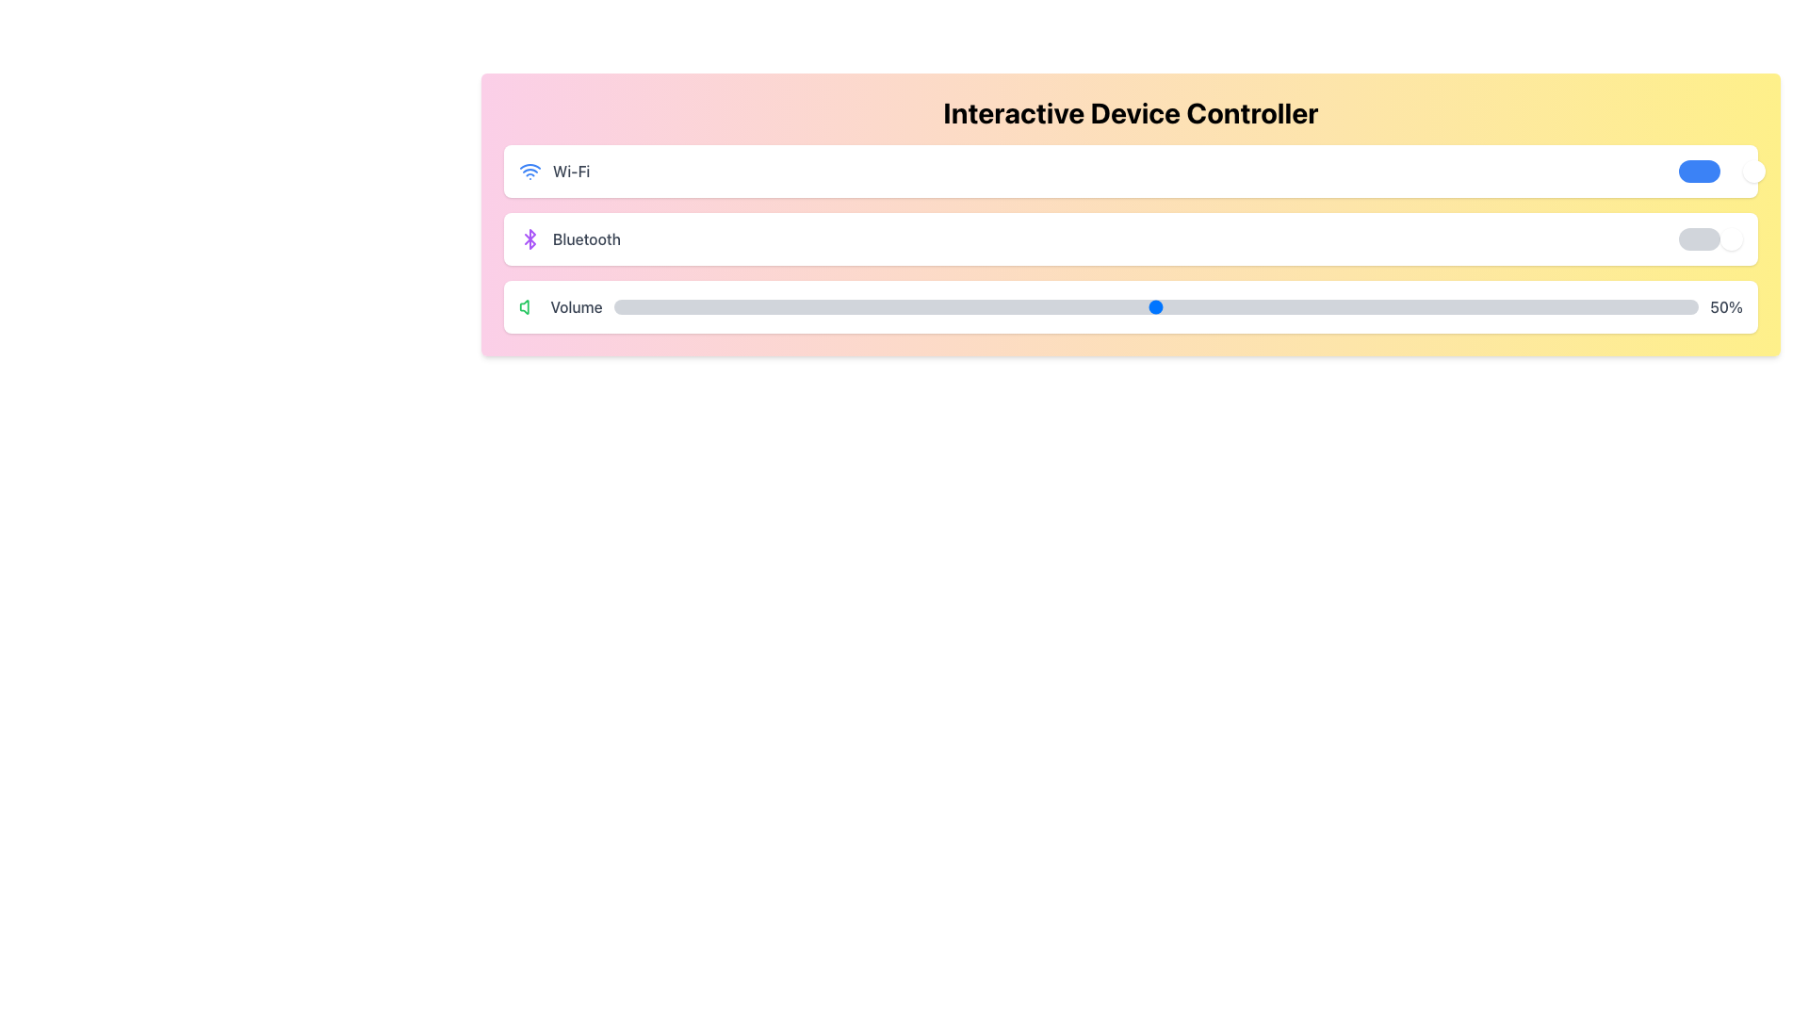  What do you see at coordinates (1275, 298) in the screenshot?
I see `the slider value` at bounding box center [1275, 298].